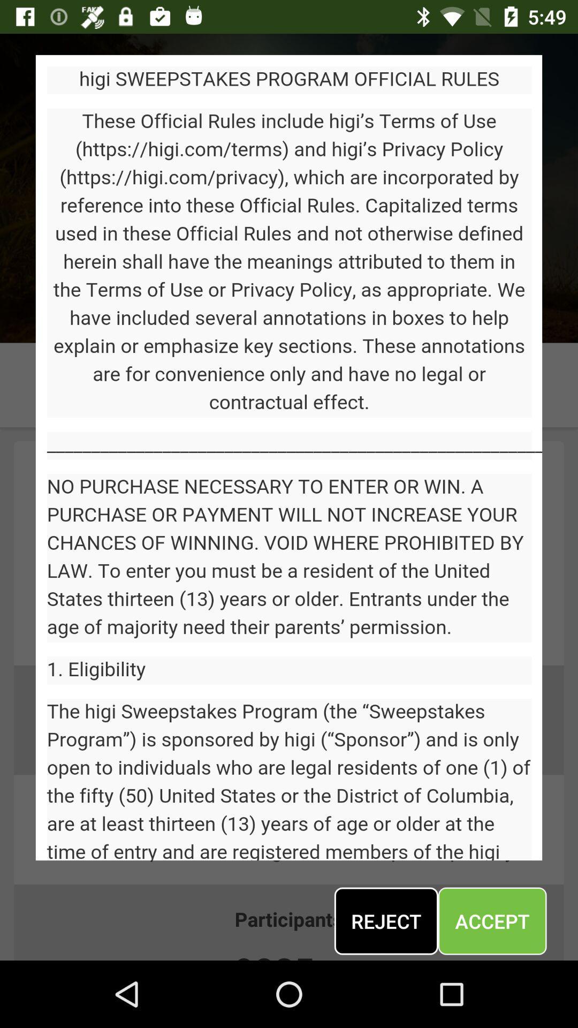  Describe the element at coordinates (289, 457) in the screenshot. I see `read article` at that location.